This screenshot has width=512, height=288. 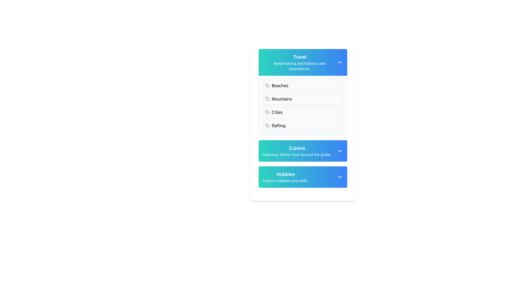 What do you see at coordinates (299, 66) in the screenshot?
I see `static text element displaying 'Breathtaking destinations and experiences.' located below the title 'Travel'` at bounding box center [299, 66].